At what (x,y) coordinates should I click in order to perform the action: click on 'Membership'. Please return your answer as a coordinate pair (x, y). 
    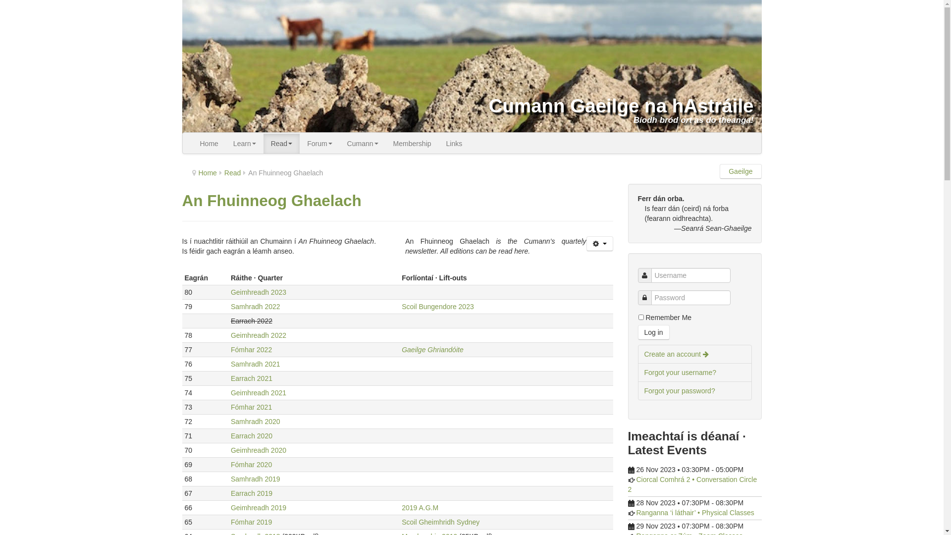
    Looking at the image, I should click on (412, 143).